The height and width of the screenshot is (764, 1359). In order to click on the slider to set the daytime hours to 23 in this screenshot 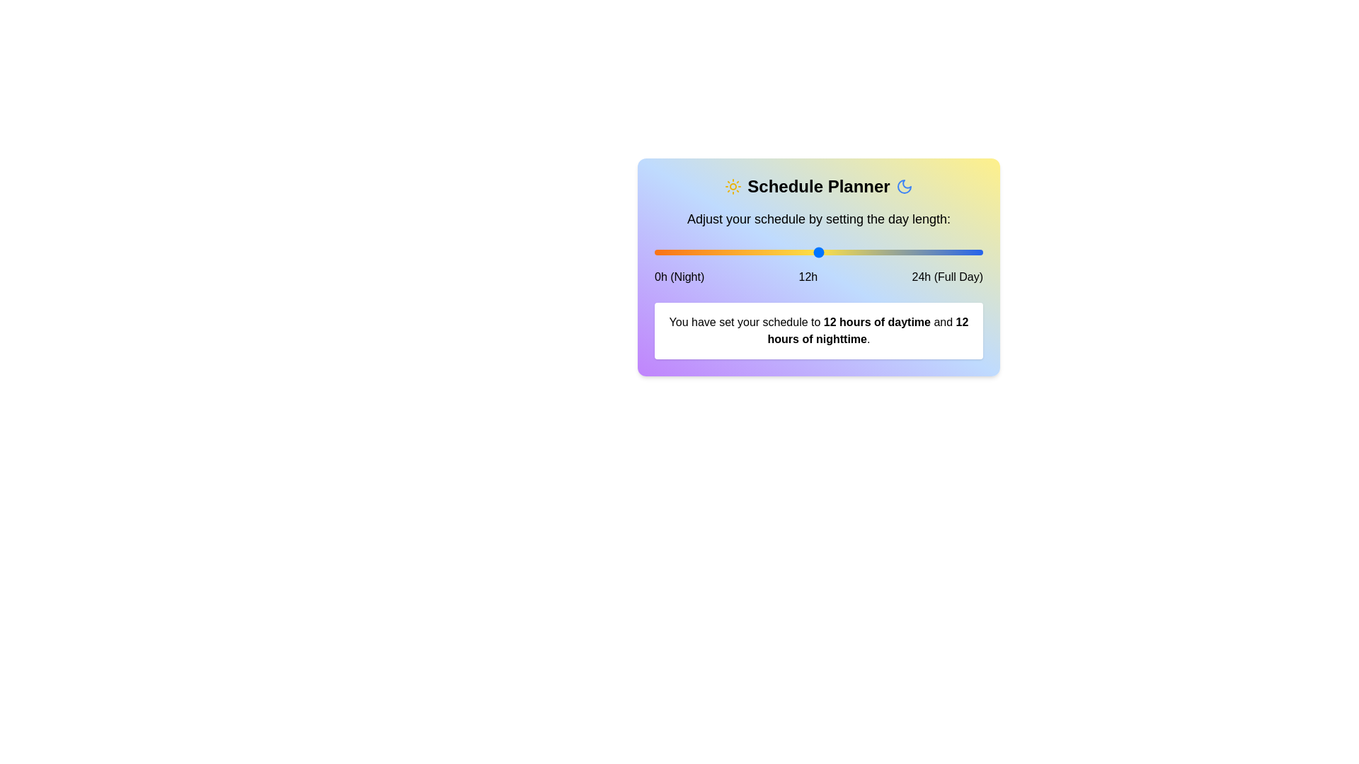, I will do `click(968, 252)`.